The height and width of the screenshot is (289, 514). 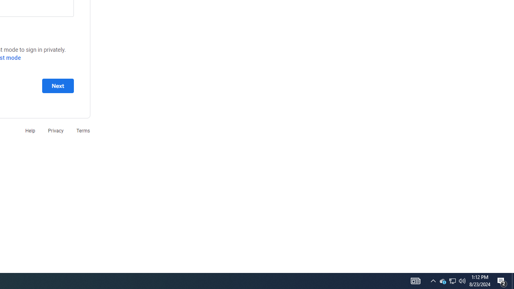 What do you see at coordinates (433, 280) in the screenshot?
I see `'Notification Chevron'` at bounding box center [433, 280].